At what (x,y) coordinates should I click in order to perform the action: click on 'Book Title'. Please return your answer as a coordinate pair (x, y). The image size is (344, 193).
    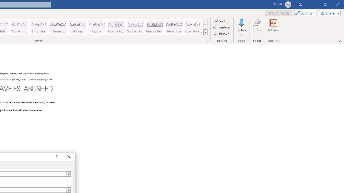
    Looking at the image, I should click on (174, 27).